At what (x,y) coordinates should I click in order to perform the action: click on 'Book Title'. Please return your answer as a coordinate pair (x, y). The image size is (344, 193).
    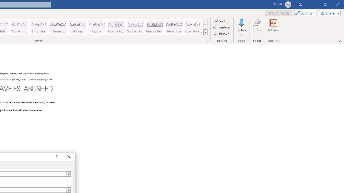
    Looking at the image, I should click on (174, 27).